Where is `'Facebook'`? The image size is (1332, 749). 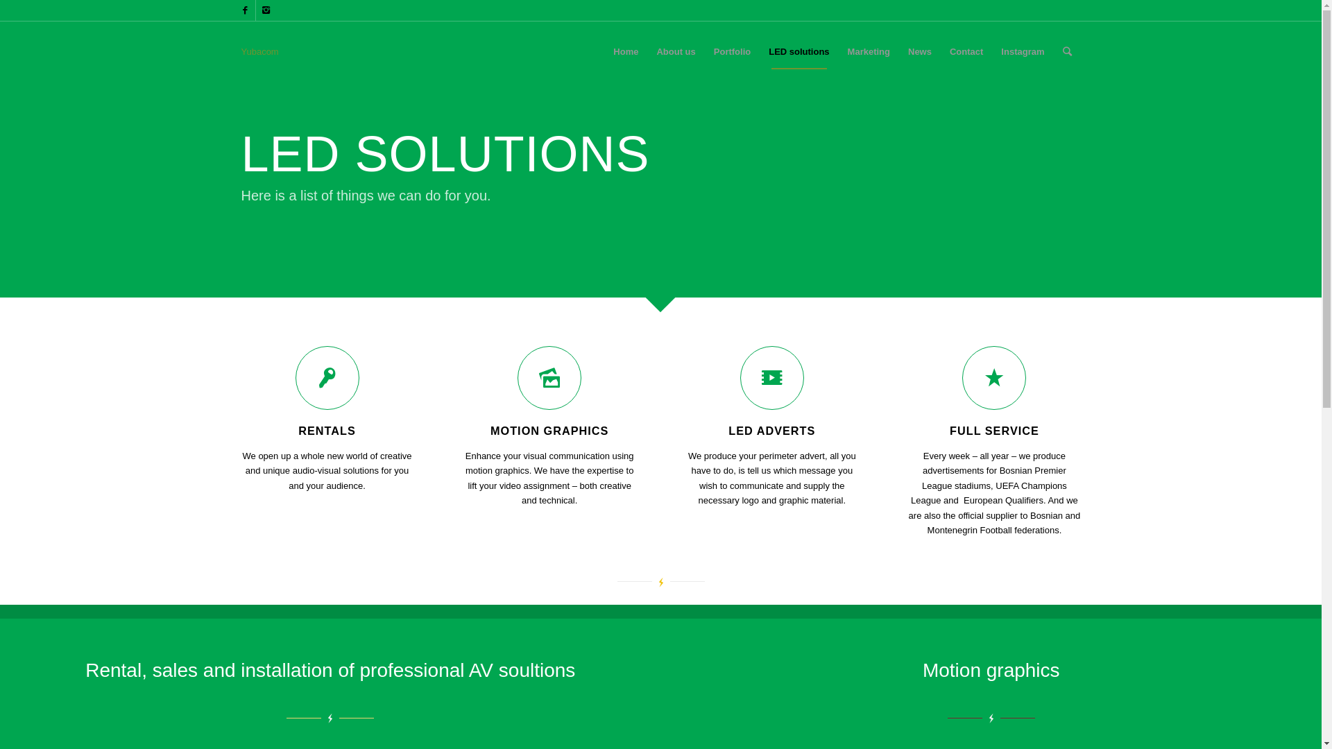 'Facebook' is located at coordinates (234, 10).